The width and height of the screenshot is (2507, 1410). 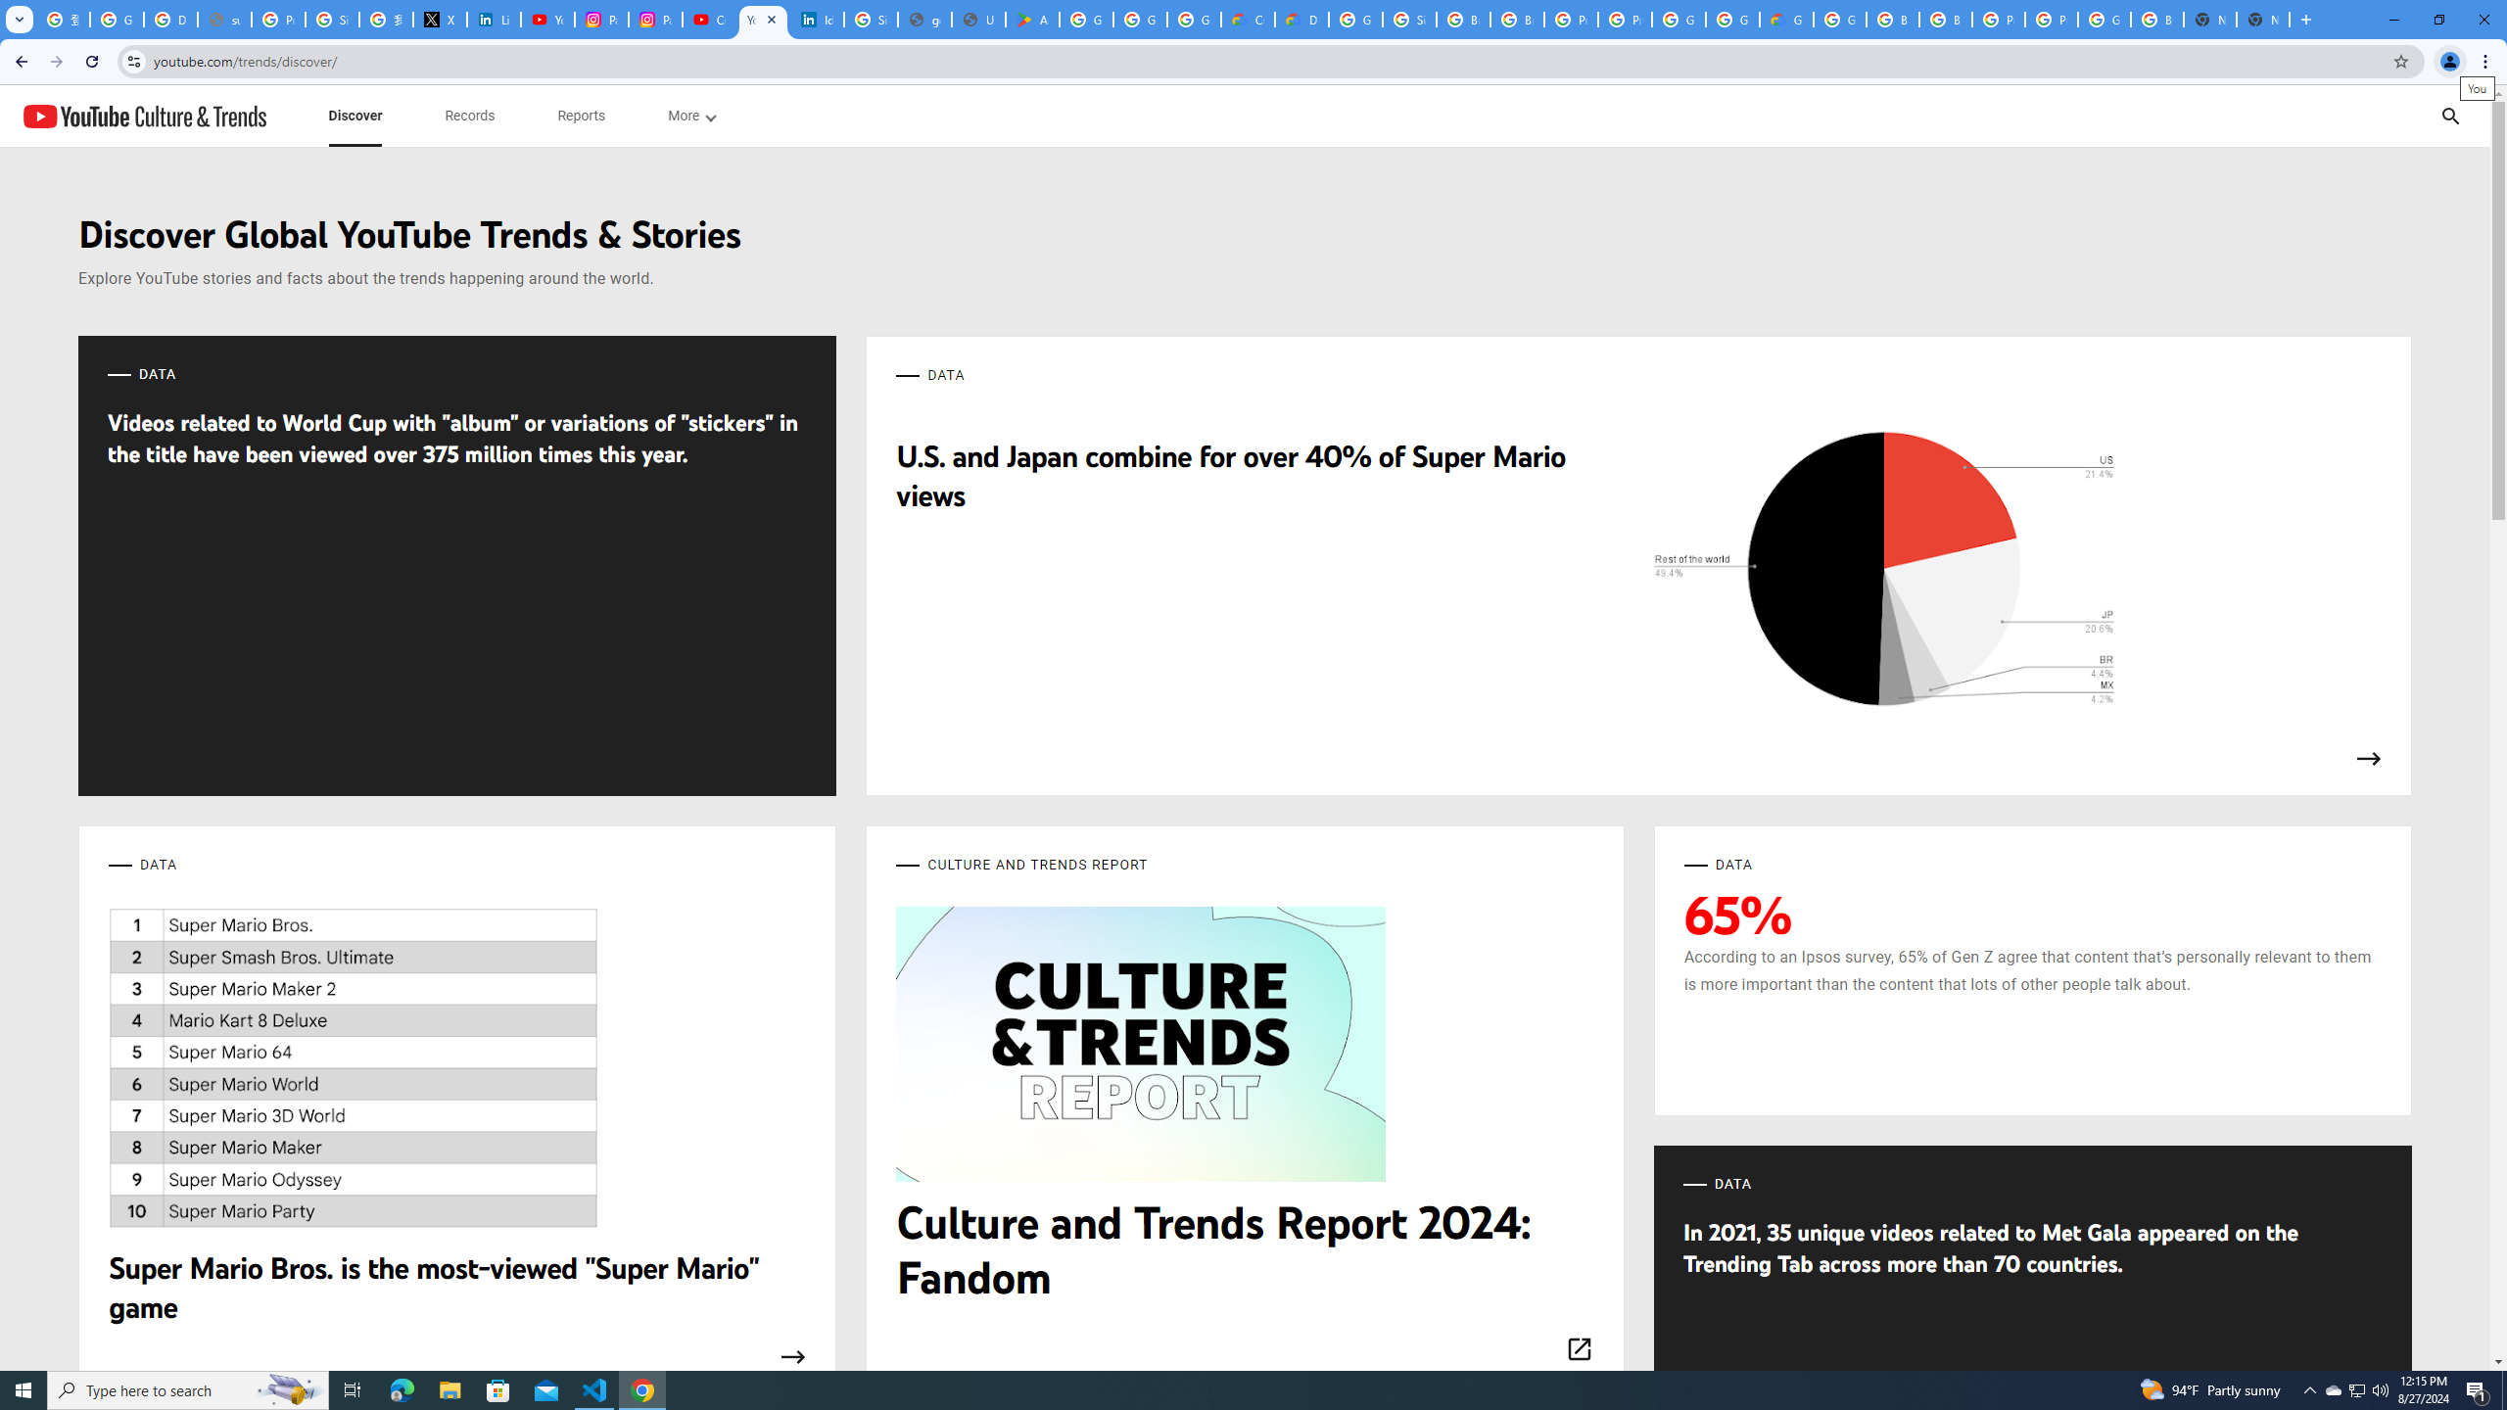 What do you see at coordinates (278, 19) in the screenshot?
I see `'Privacy Help Center - Policies Help'` at bounding box center [278, 19].